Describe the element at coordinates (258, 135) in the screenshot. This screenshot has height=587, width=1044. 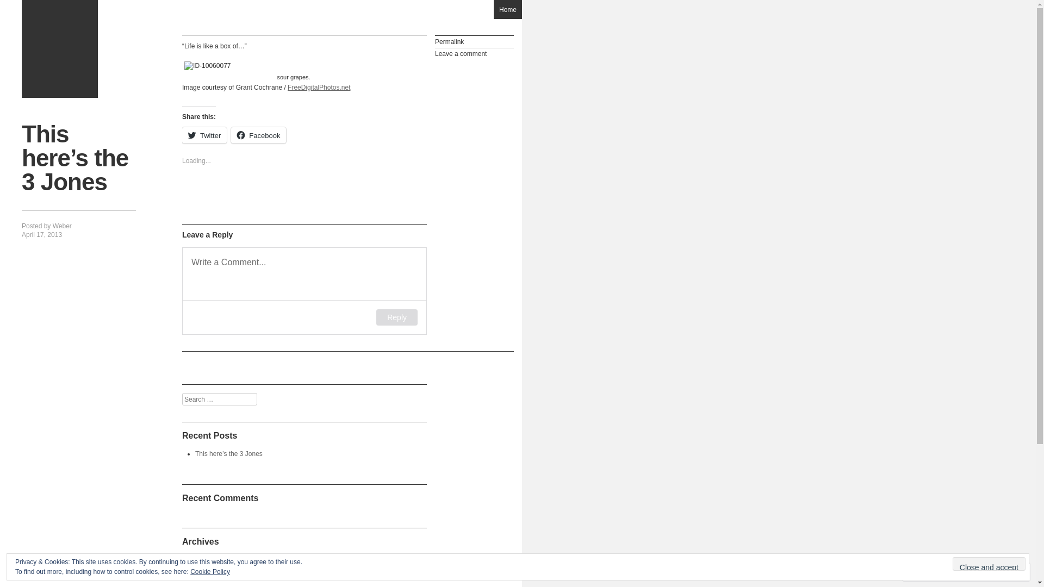
I see `'Facebook'` at that location.